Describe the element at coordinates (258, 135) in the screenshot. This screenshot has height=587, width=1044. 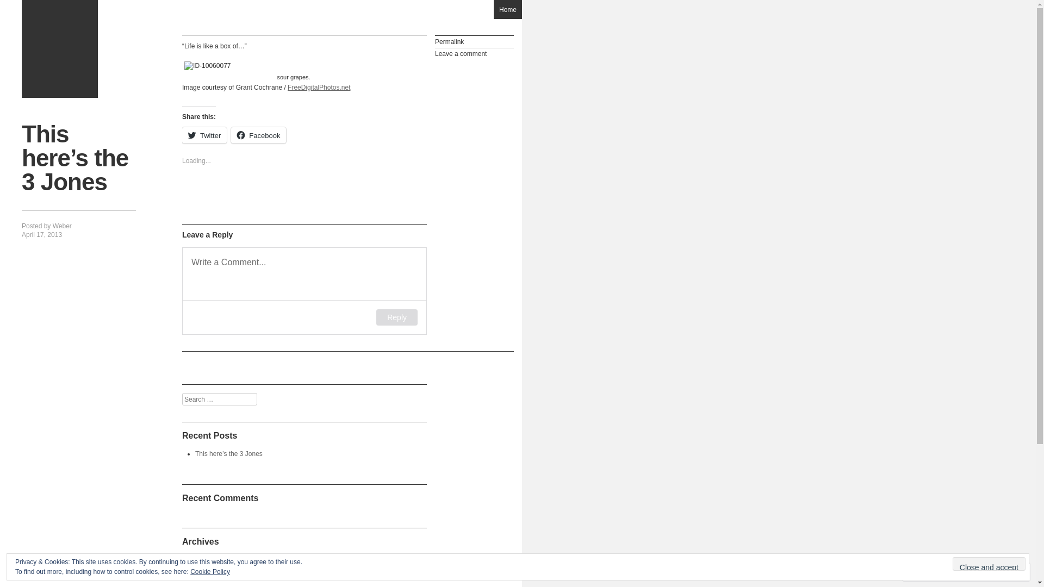
I see `'Facebook'` at that location.